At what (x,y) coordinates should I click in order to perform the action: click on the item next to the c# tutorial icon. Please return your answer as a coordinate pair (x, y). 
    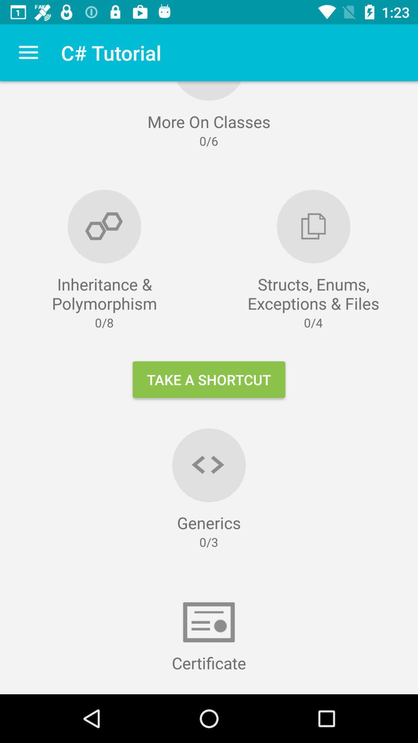
    Looking at the image, I should click on (28, 52).